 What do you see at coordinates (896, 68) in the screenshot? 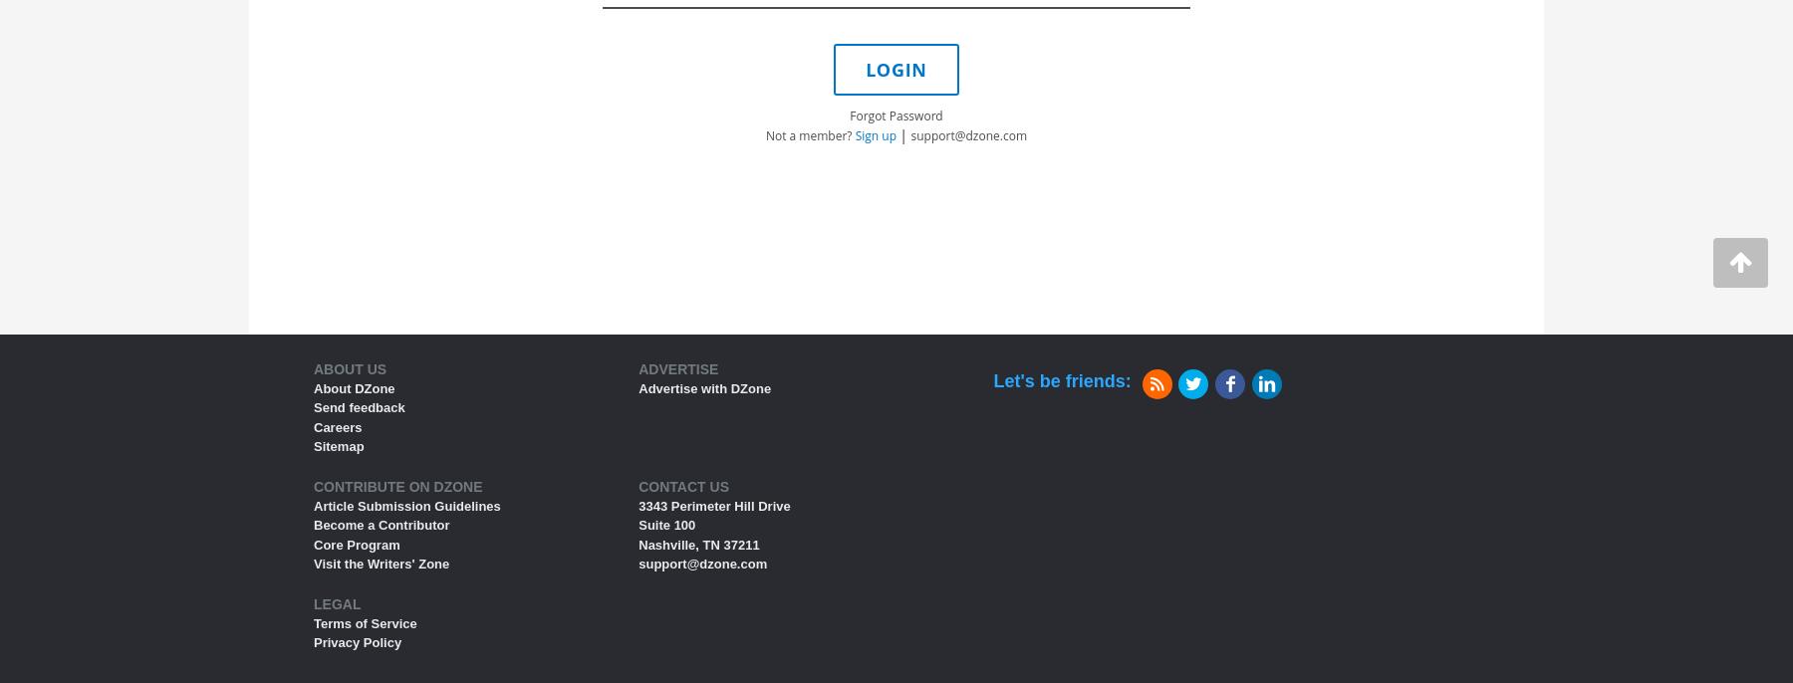
I see `'LOGIN'` at bounding box center [896, 68].